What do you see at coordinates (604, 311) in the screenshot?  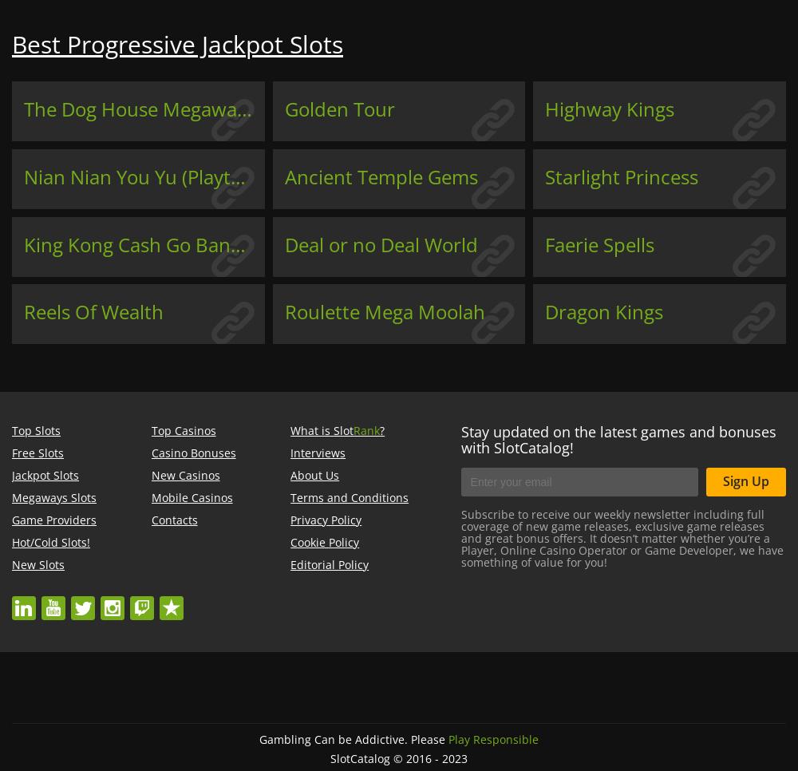 I see `'Dragon Kings'` at bounding box center [604, 311].